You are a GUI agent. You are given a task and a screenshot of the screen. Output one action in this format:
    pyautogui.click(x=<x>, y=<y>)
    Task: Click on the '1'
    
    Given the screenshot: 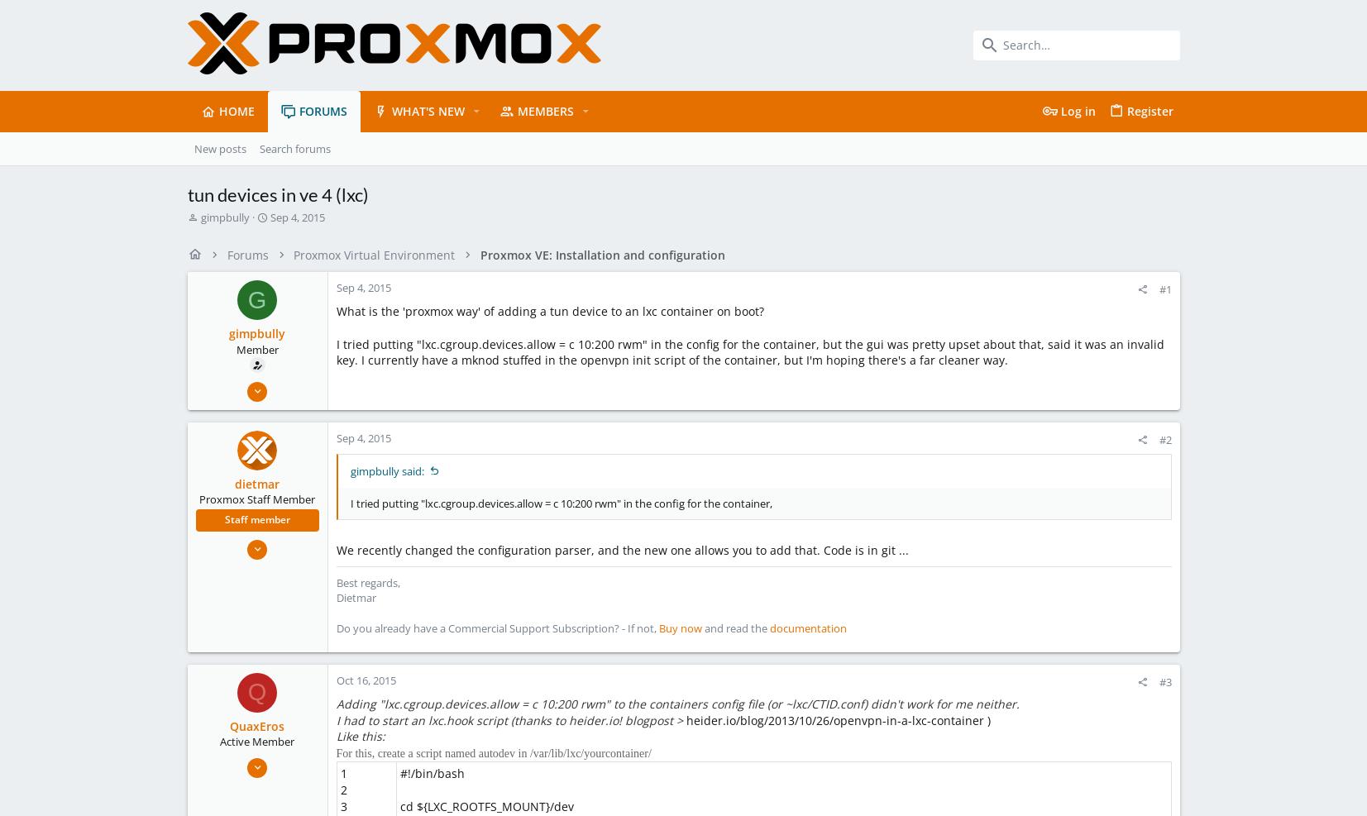 What is the action you would take?
    pyautogui.click(x=342, y=773)
    